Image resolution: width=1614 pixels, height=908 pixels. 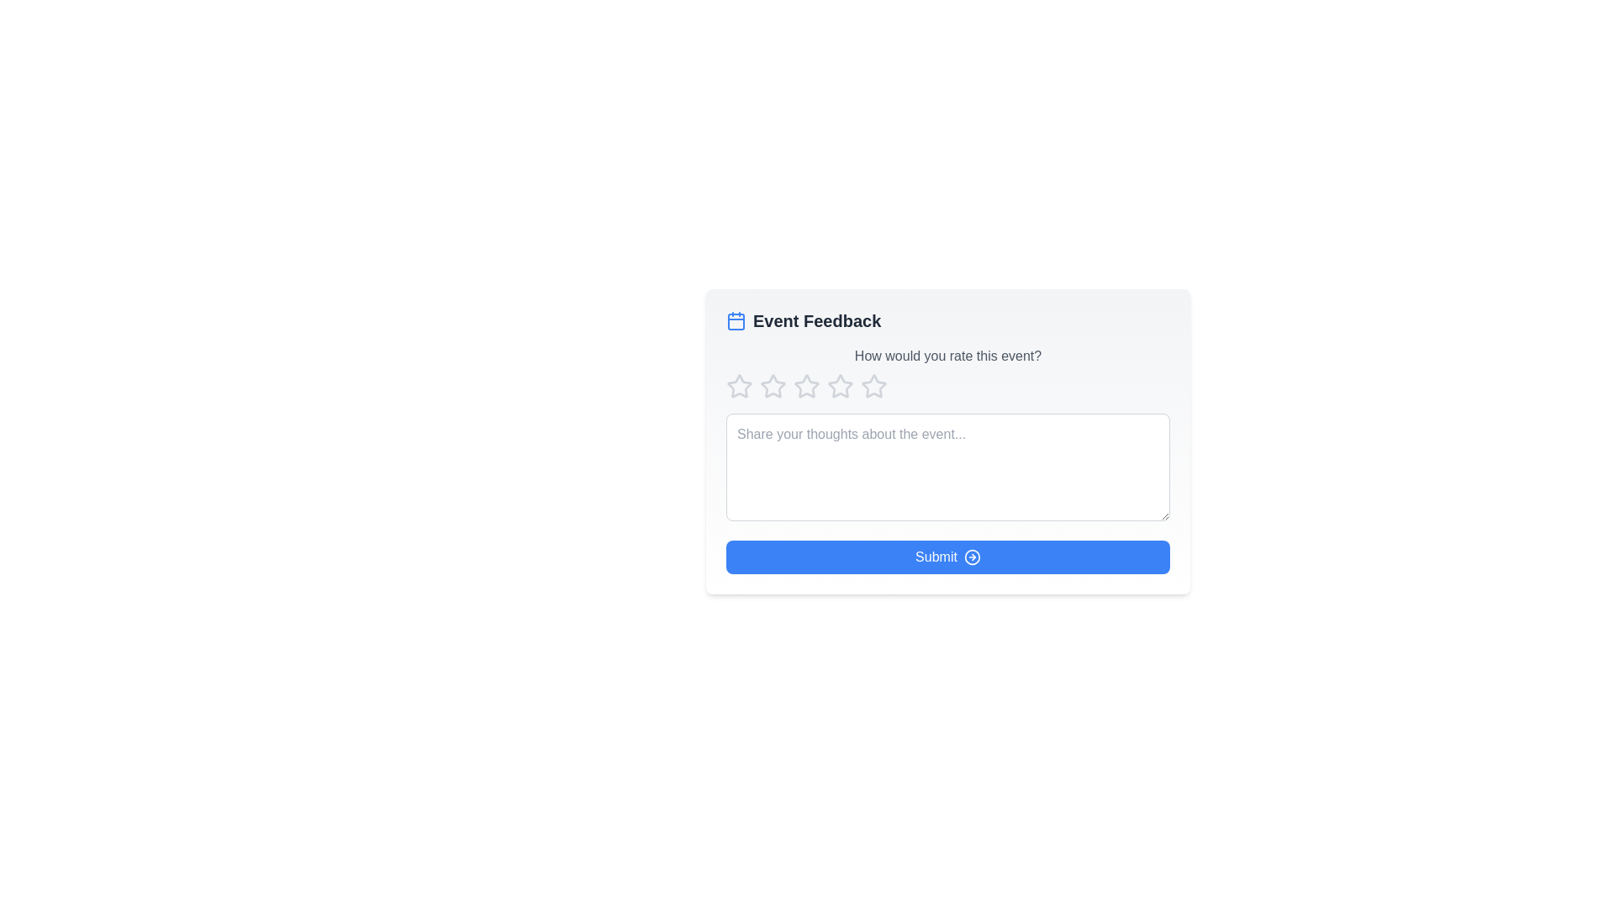 I want to click on the first star rating icon, which is light gray and part of a sequence of five stars for user feedback under the question 'How would you rate this event?', so click(x=739, y=386).